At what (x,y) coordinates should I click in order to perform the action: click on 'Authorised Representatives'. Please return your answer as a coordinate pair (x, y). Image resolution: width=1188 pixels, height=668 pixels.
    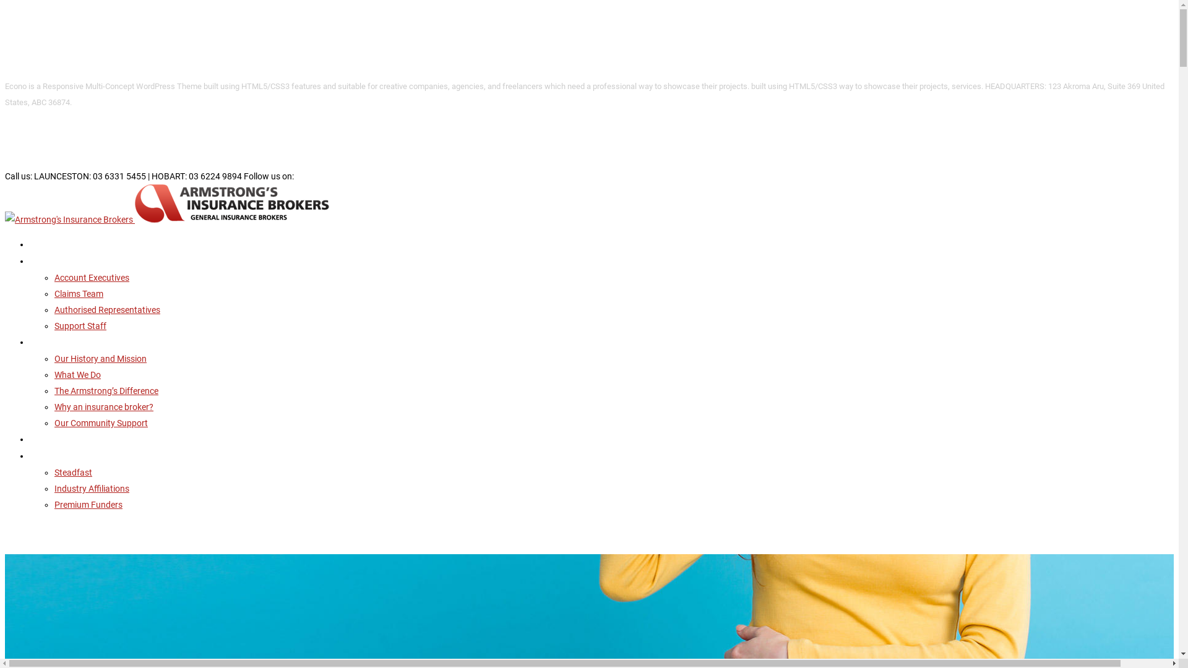
    Looking at the image, I should click on (107, 309).